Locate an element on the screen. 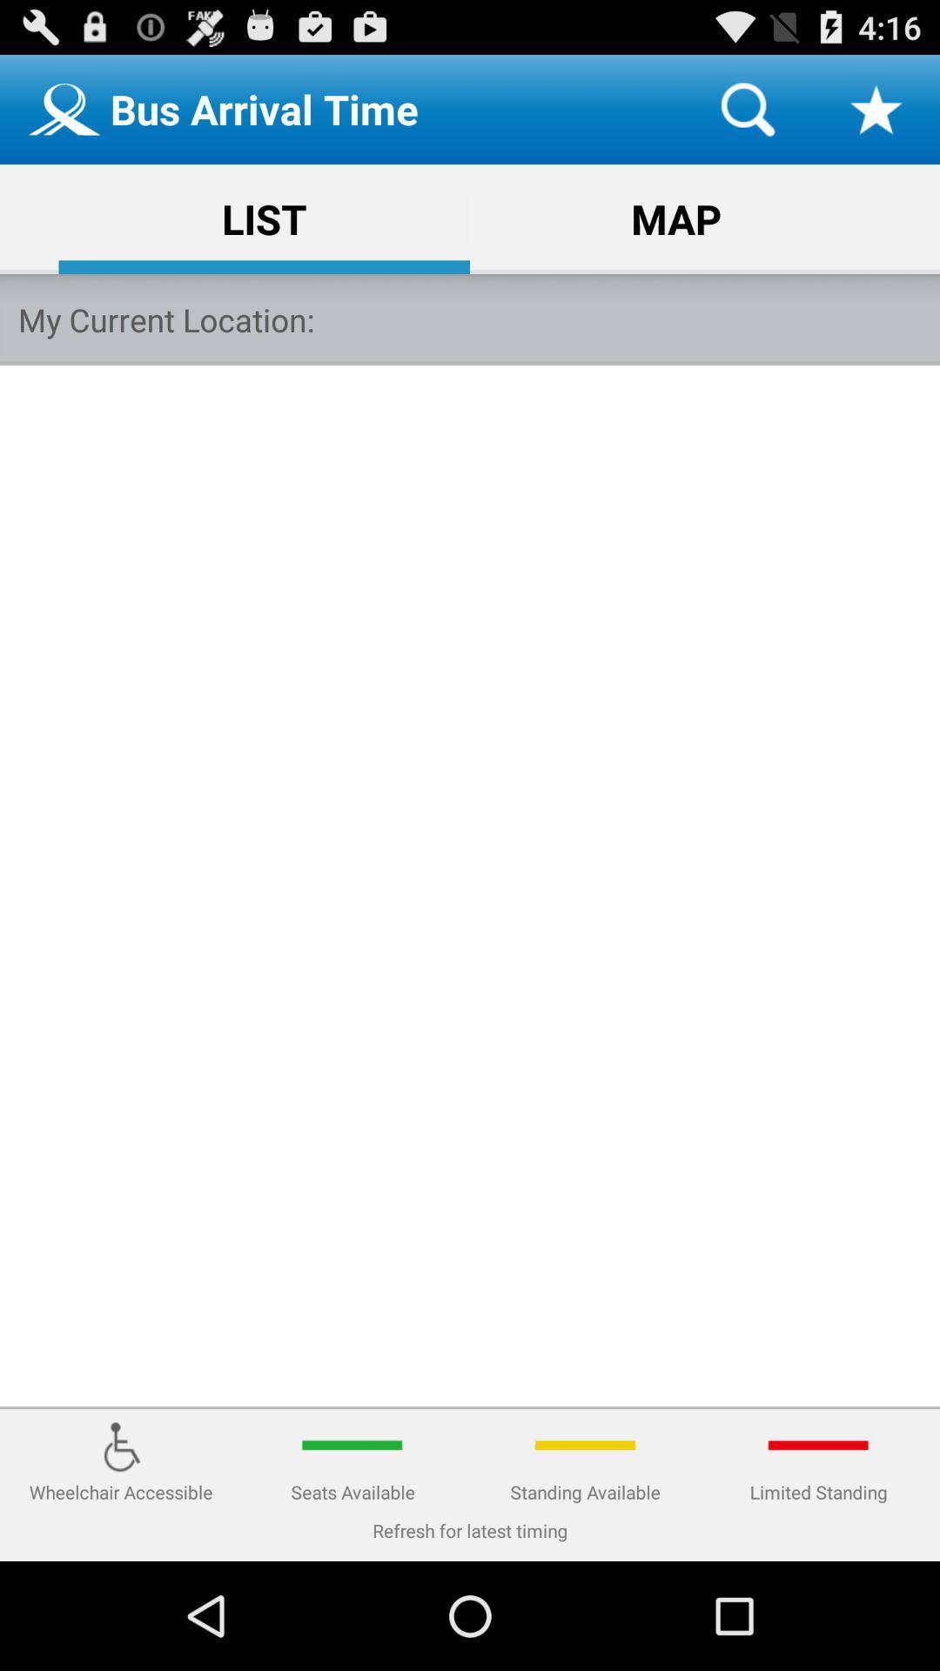  item next to bus arrival time app is located at coordinates (747, 108).